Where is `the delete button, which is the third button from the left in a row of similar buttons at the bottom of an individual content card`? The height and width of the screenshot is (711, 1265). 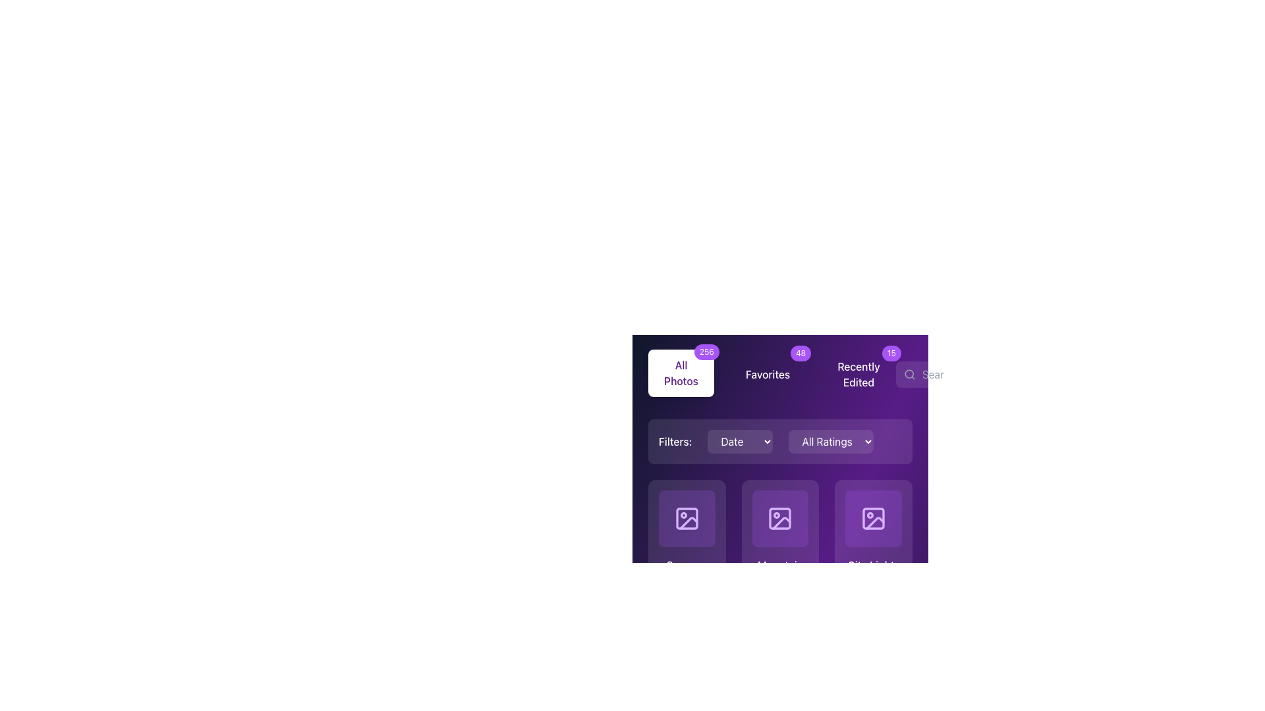 the delete button, which is the third button from the left in a row of similar buttons at the bottom of an individual content card is located at coordinates (814, 554).